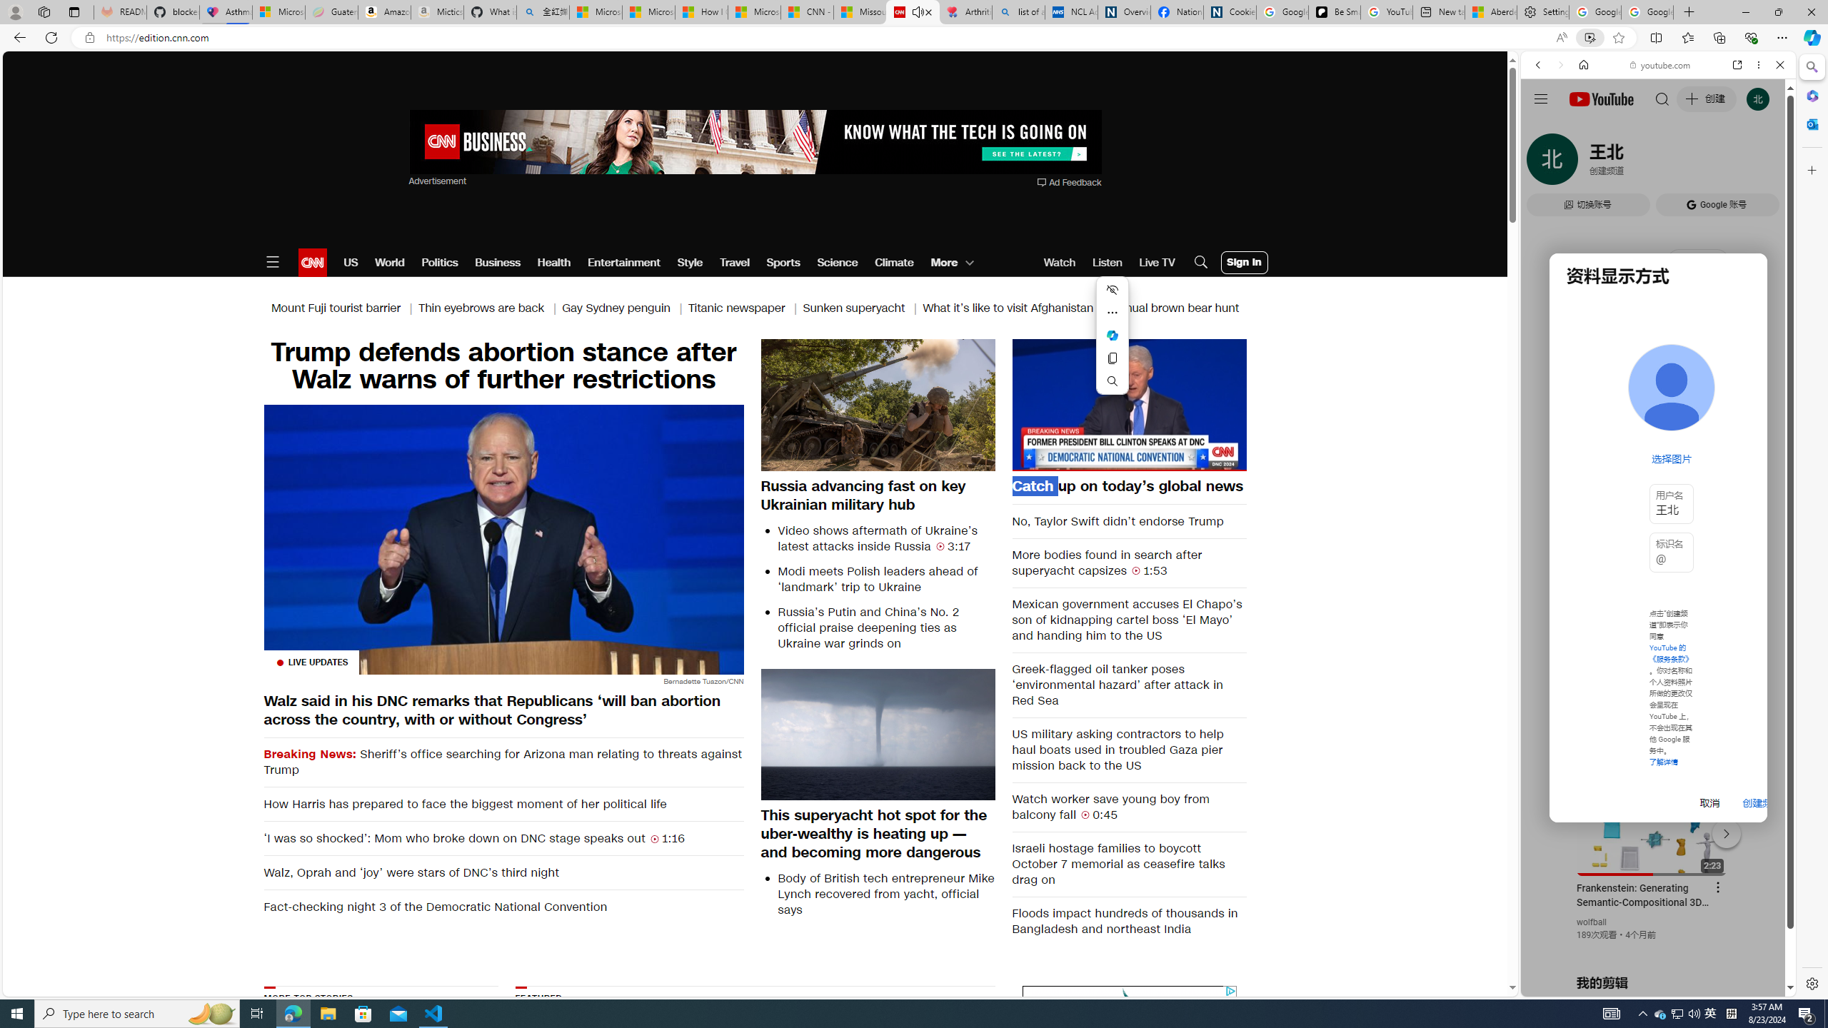 Image resolution: width=1828 pixels, height=1028 pixels. Describe the element at coordinates (1112, 334) in the screenshot. I see `'Mini menu on text selection'` at that location.